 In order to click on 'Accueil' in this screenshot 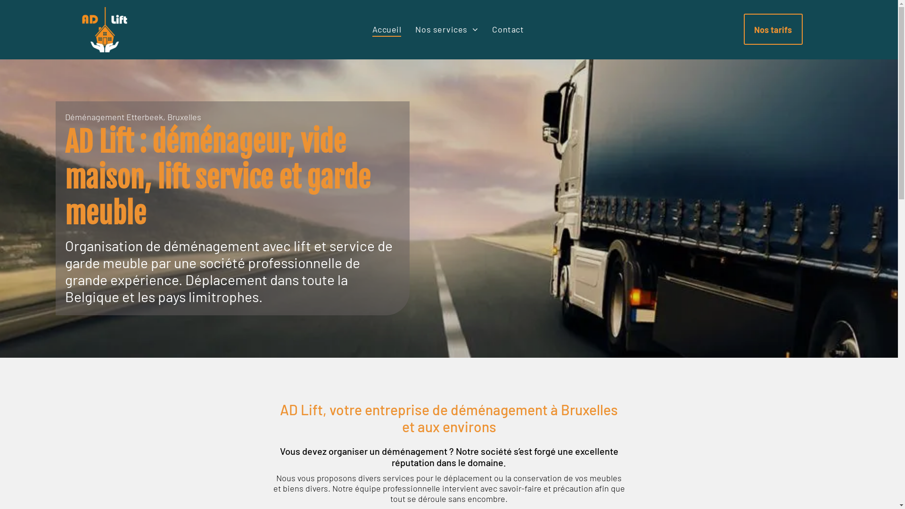, I will do `click(387, 28)`.